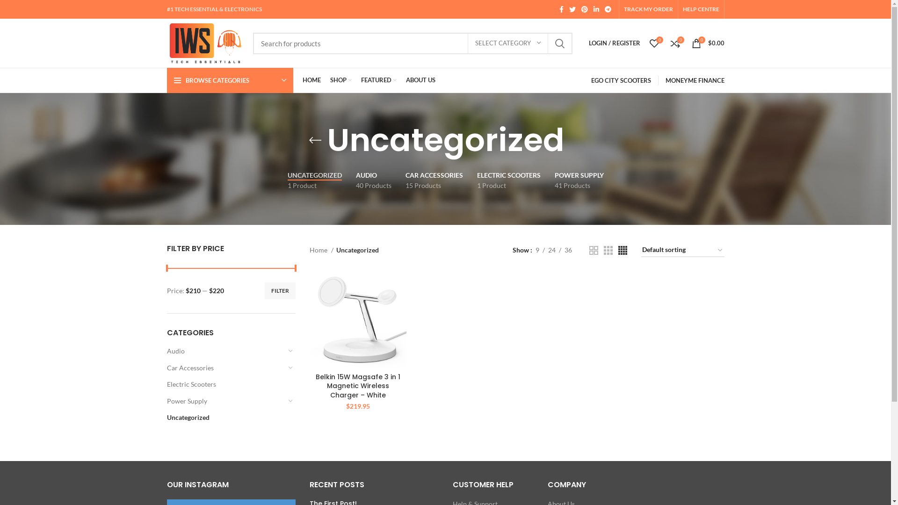 This screenshot has width=898, height=505. What do you see at coordinates (280, 290) in the screenshot?
I see `'FILTER'` at bounding box center [280, 290].